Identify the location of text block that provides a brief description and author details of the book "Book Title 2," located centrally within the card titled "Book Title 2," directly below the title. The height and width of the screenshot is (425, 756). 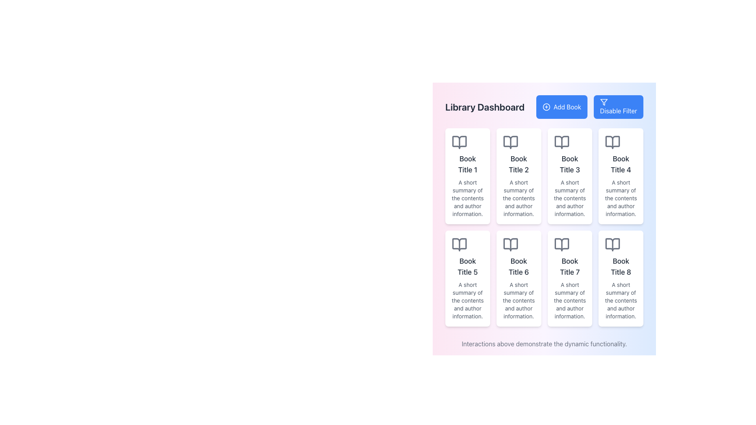
(519, 198).